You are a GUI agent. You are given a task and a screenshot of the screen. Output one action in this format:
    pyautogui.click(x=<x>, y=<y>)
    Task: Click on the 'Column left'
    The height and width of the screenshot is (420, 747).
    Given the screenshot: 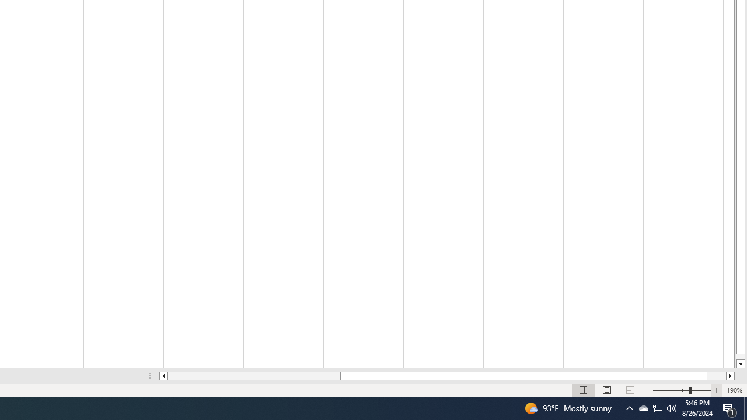 What is the action you would take?
    pyautogui.click(x=162, y=376)
    